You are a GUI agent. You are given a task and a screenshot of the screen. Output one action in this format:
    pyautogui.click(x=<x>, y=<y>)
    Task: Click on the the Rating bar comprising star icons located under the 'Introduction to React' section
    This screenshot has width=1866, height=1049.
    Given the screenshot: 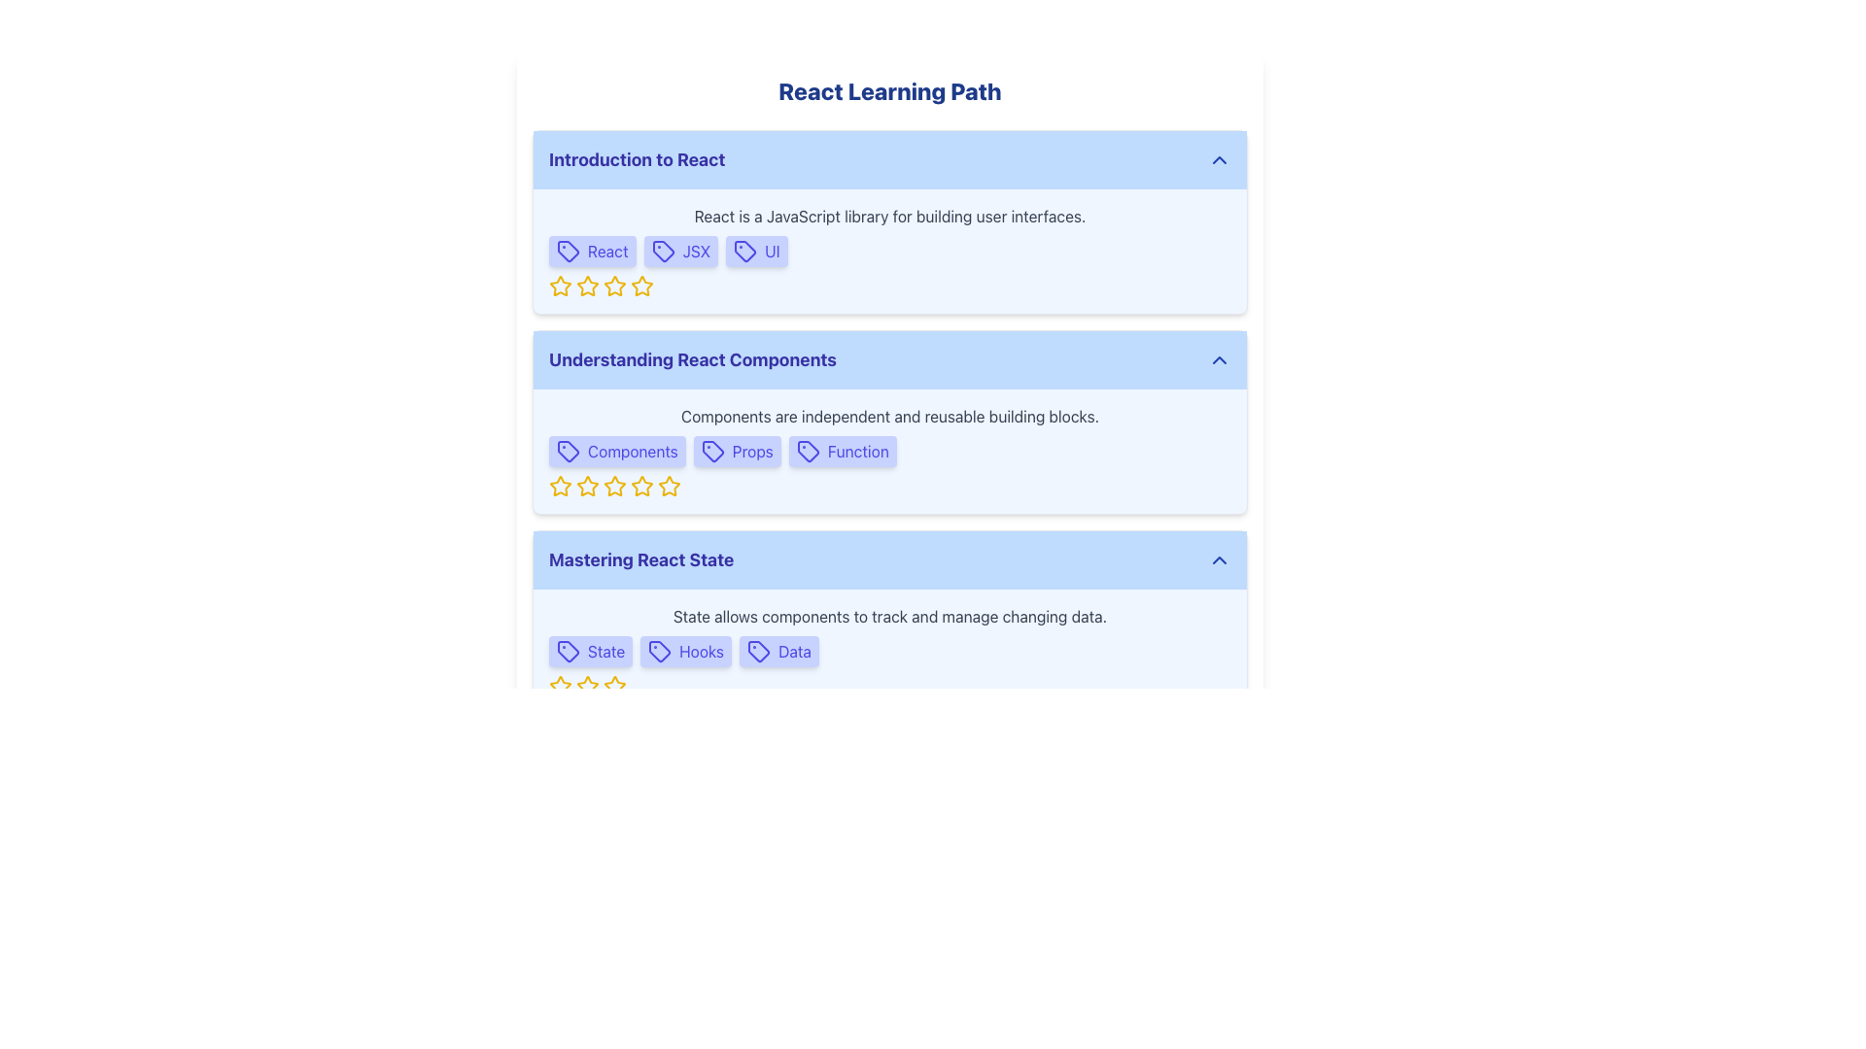 What is the action you would take?
    pyautogui.click(x=889, y=286)
    